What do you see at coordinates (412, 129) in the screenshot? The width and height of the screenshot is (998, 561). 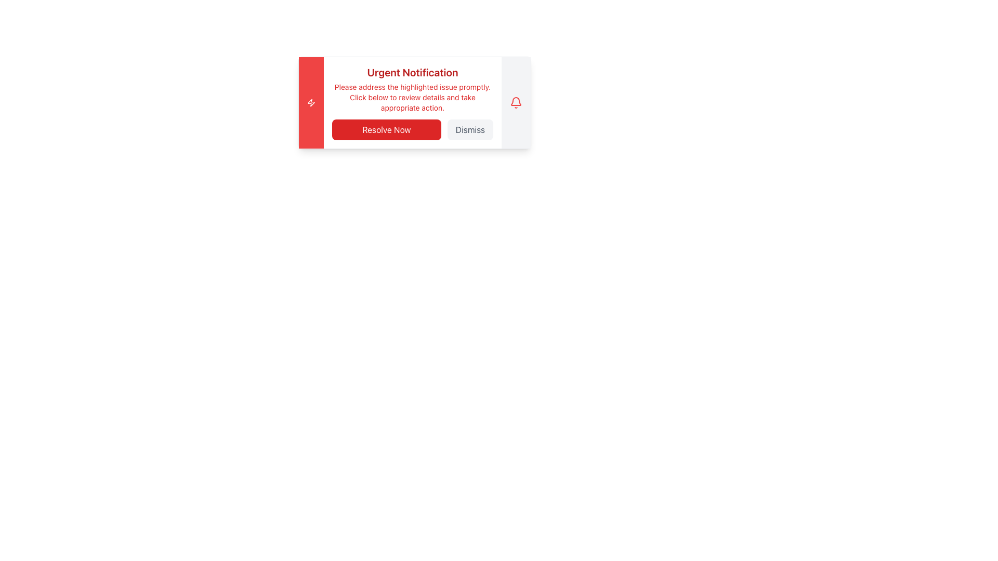 I see `the 'Resolve Now' button located in the middle of the interface` at bounding box center [412, 129].